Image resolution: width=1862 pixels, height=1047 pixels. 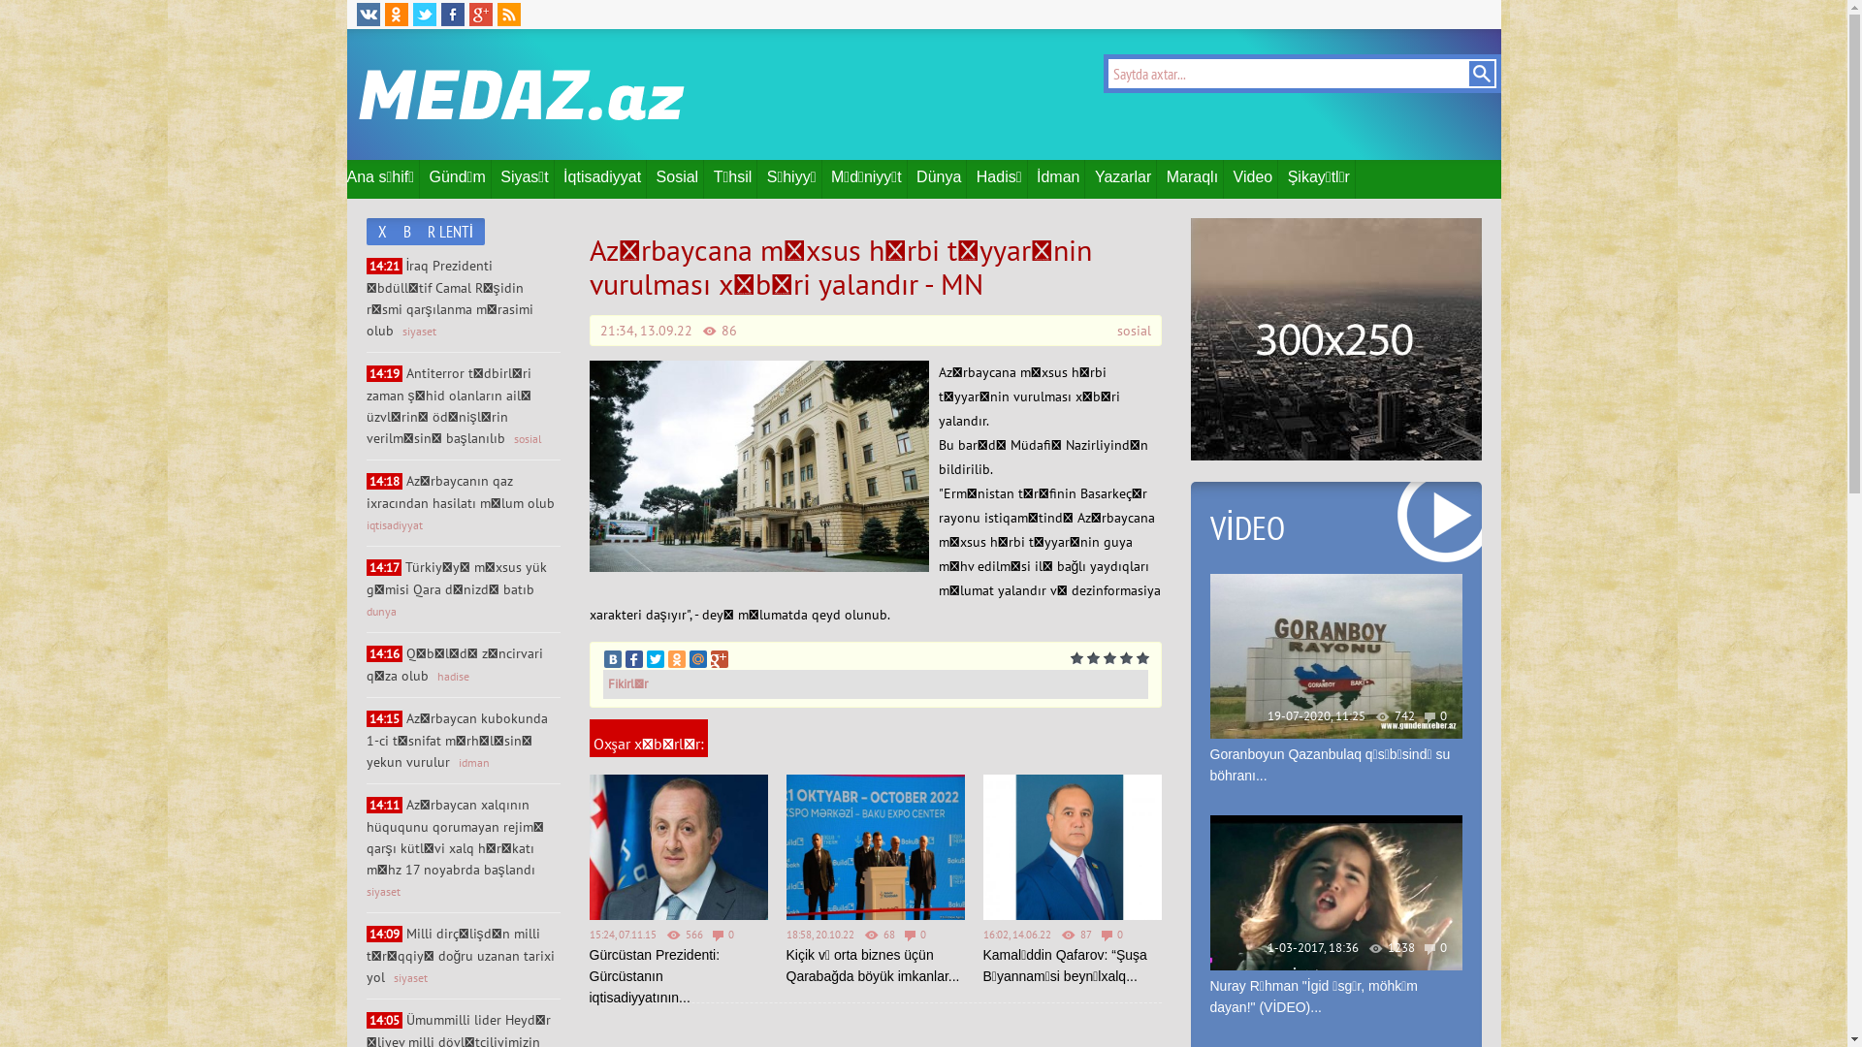 I want to click on 'Video', so click(x=1256, y=179).